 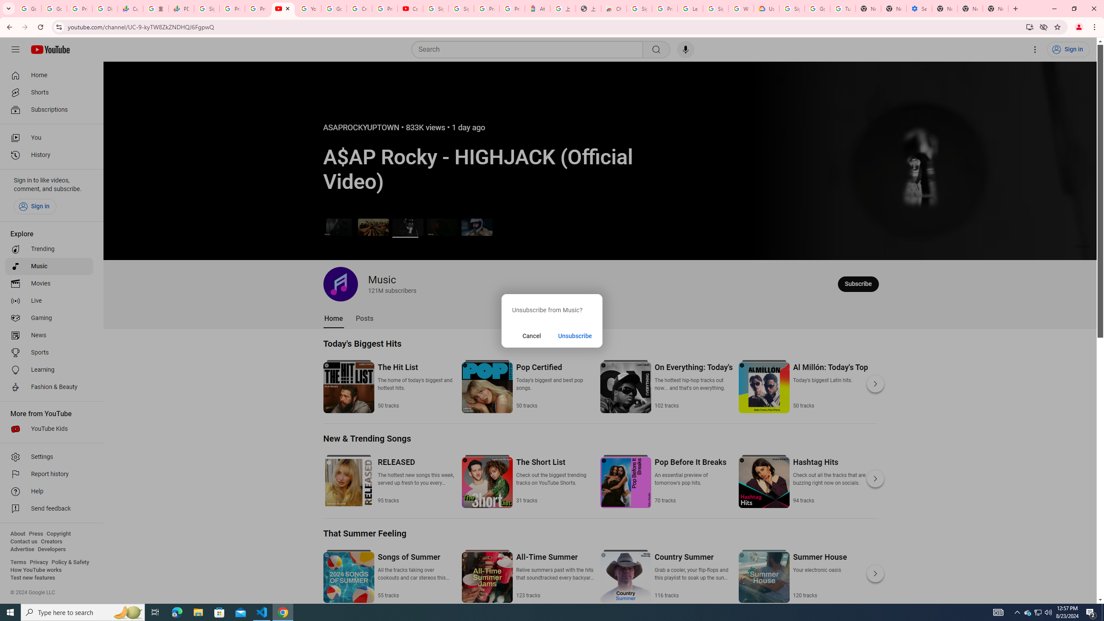 What do you see at coordinates (130, 8) in the screenshot?
I see `'Currencies - Google Finance'` at bounding box center [130, 8].